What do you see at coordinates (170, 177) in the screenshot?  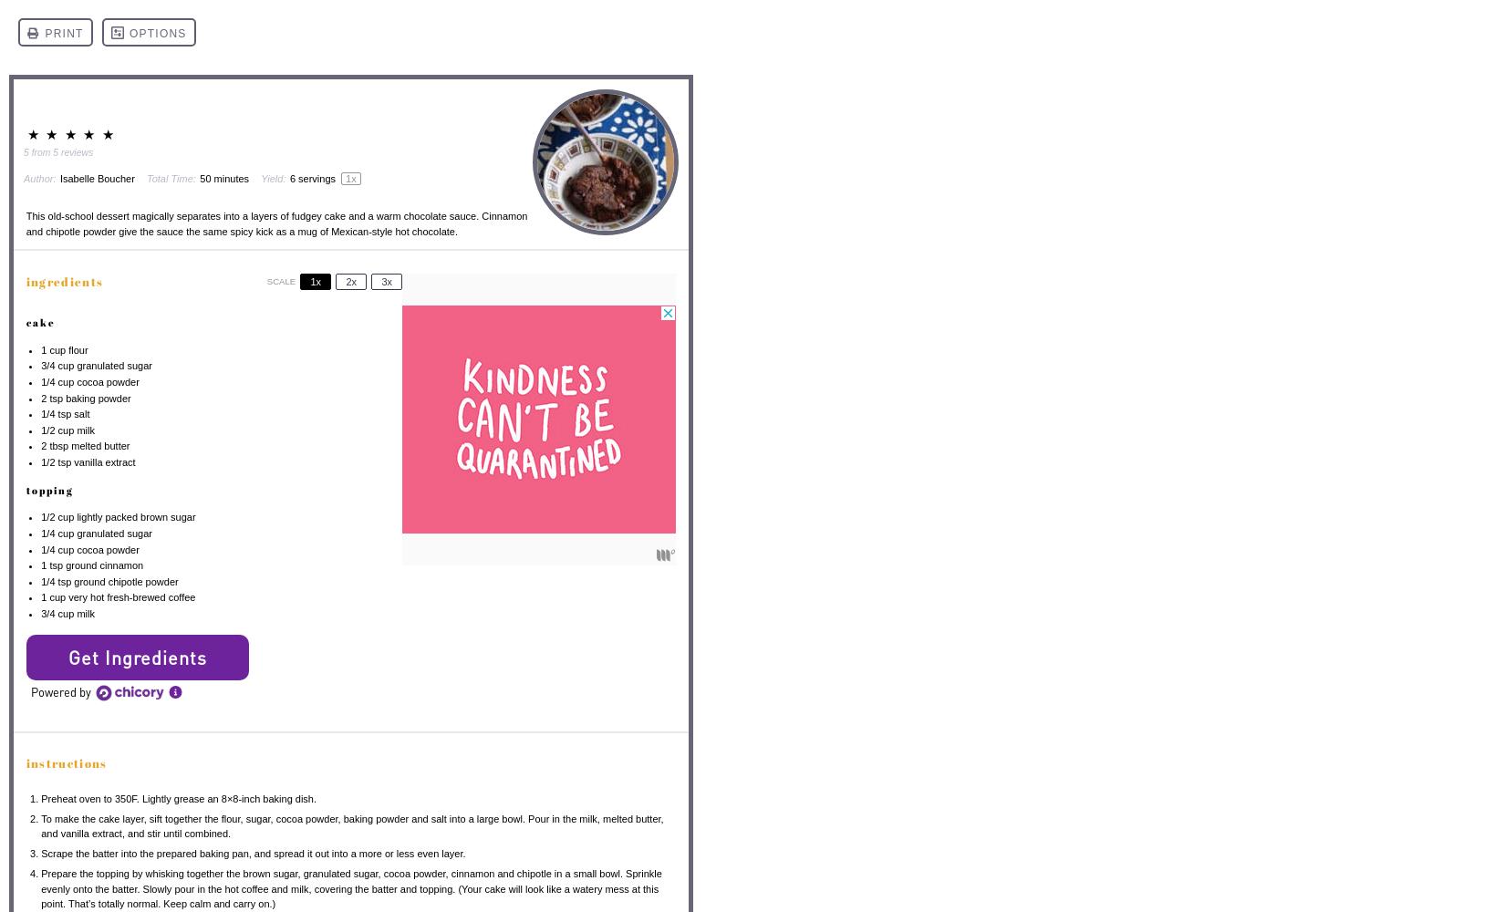 I see `'Total Time:'` at bounding box center [170, 177].